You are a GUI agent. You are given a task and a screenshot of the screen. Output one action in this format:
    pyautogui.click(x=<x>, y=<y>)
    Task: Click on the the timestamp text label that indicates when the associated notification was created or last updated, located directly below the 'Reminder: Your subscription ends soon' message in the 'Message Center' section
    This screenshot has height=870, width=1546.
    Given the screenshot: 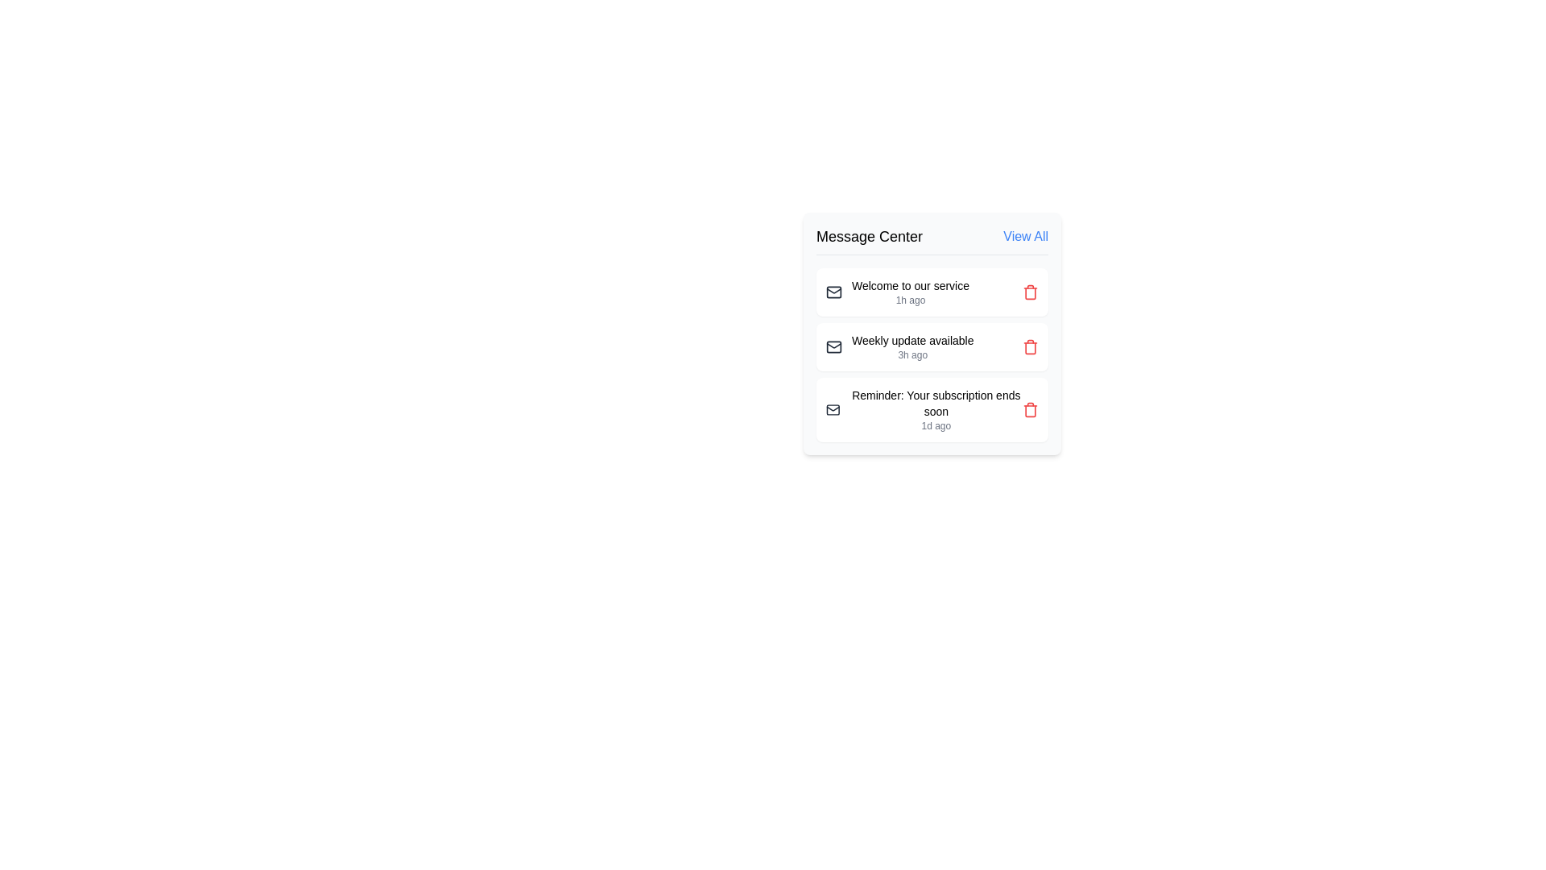 What is the action you would take?
    pyautogui.click(x=936, y=425)
    